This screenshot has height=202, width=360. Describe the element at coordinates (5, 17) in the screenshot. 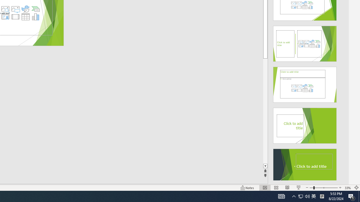

I see `'Insert Cameo'` at that location.